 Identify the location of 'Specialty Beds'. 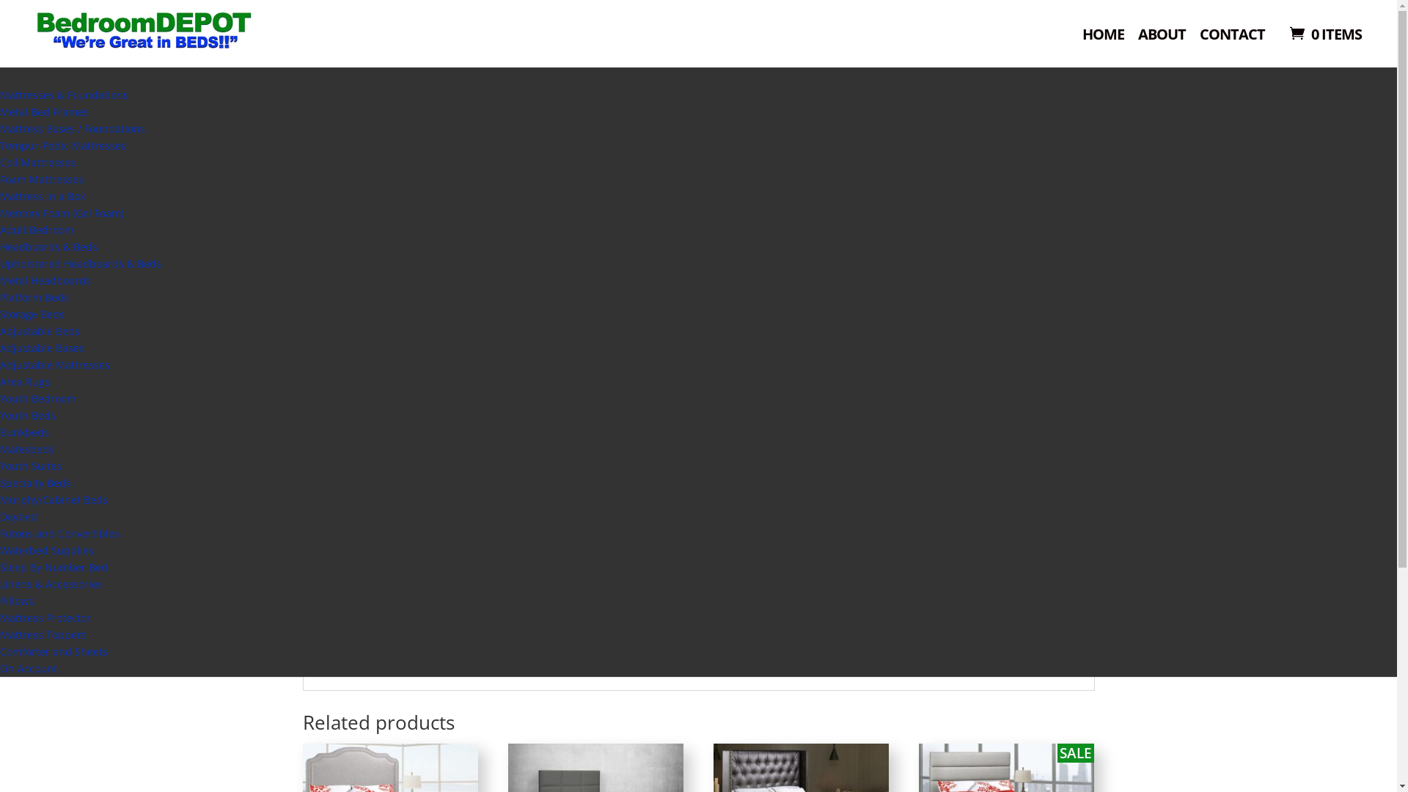
(35, 483).